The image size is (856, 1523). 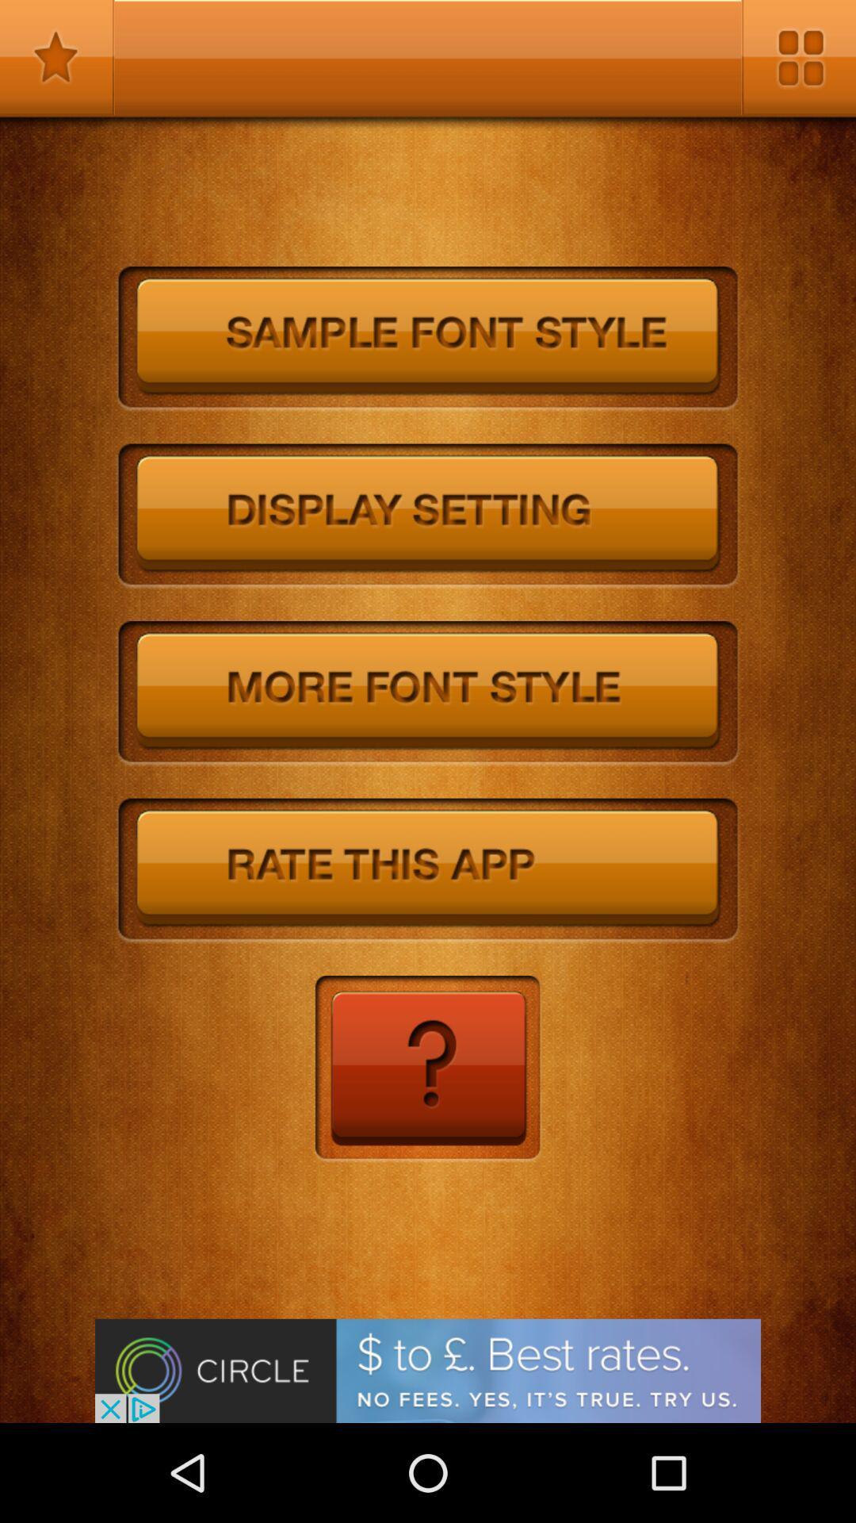 I want to click on screen to rate app, so click(x=428, y=870).